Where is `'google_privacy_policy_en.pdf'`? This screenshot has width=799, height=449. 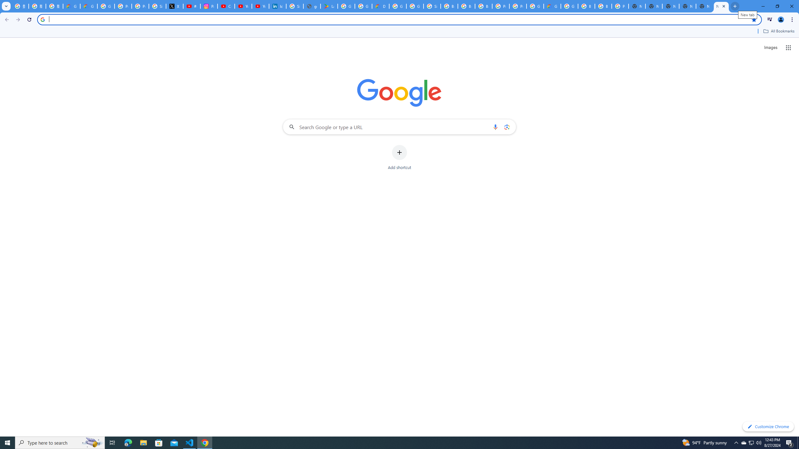 'google_privacy_policy_en.pdf' is located at coordinates (311, 6).